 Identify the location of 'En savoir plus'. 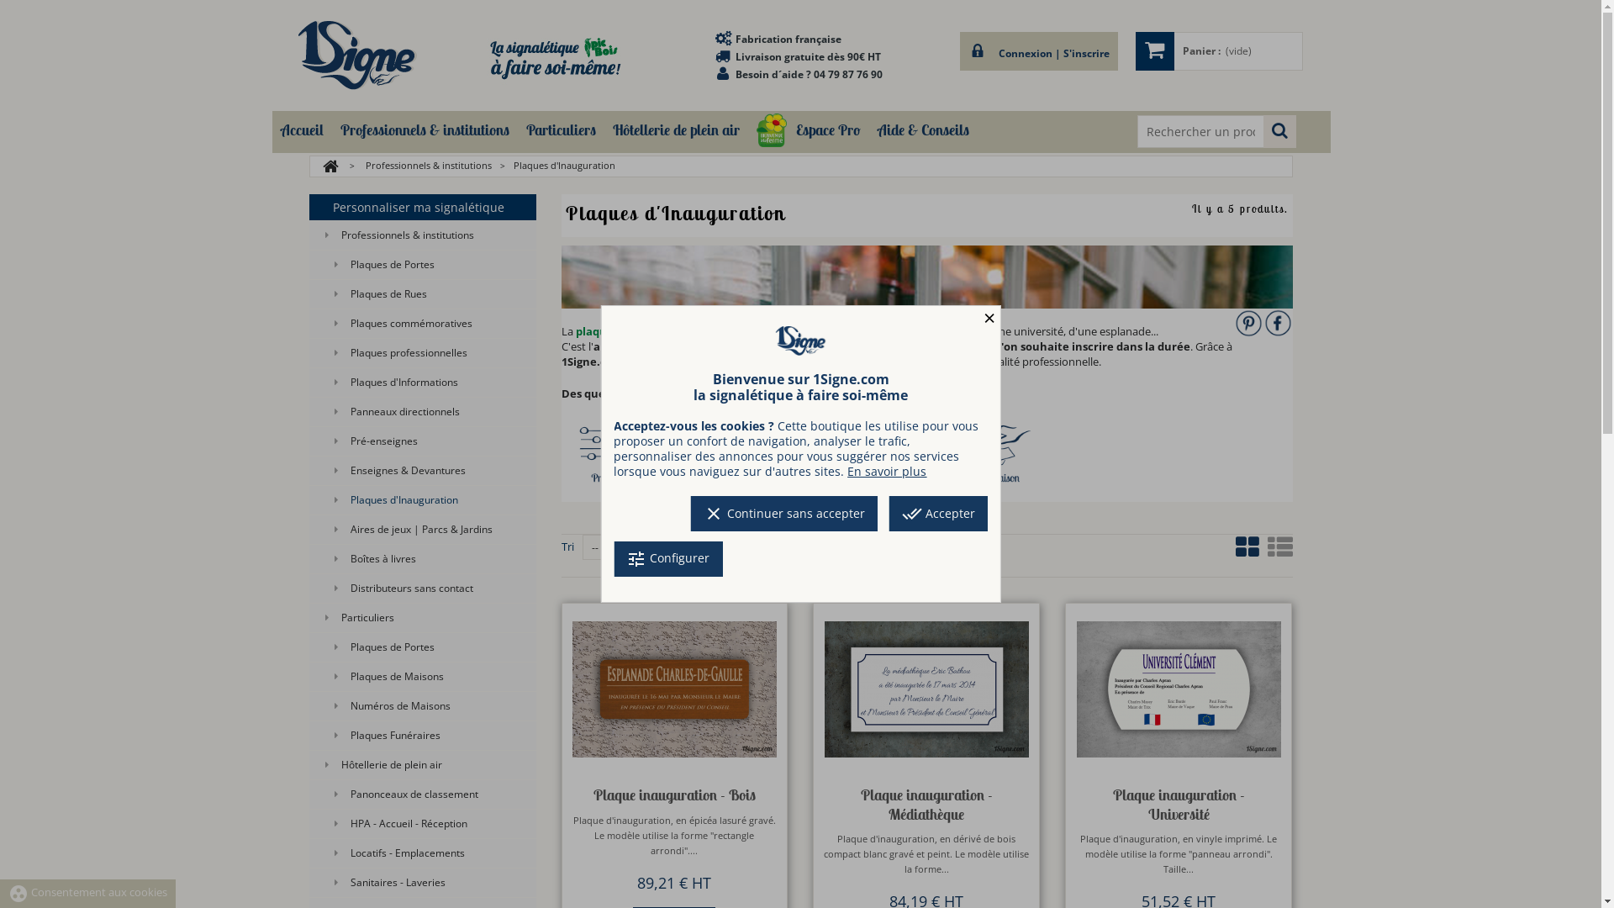
(886, 471).